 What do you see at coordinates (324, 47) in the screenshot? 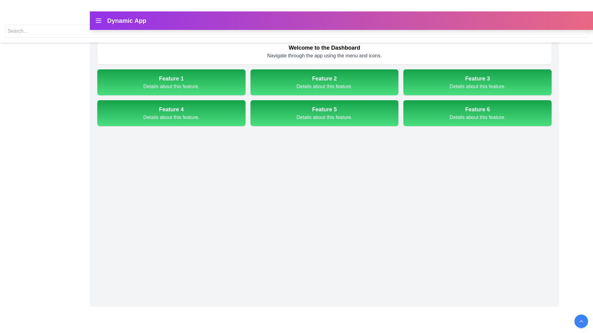
I see `the static text header displaying 'Welcome to the Dashboard', which is a bold and larger font label with rounded corners and a white background` at bounding box center [324, 47].